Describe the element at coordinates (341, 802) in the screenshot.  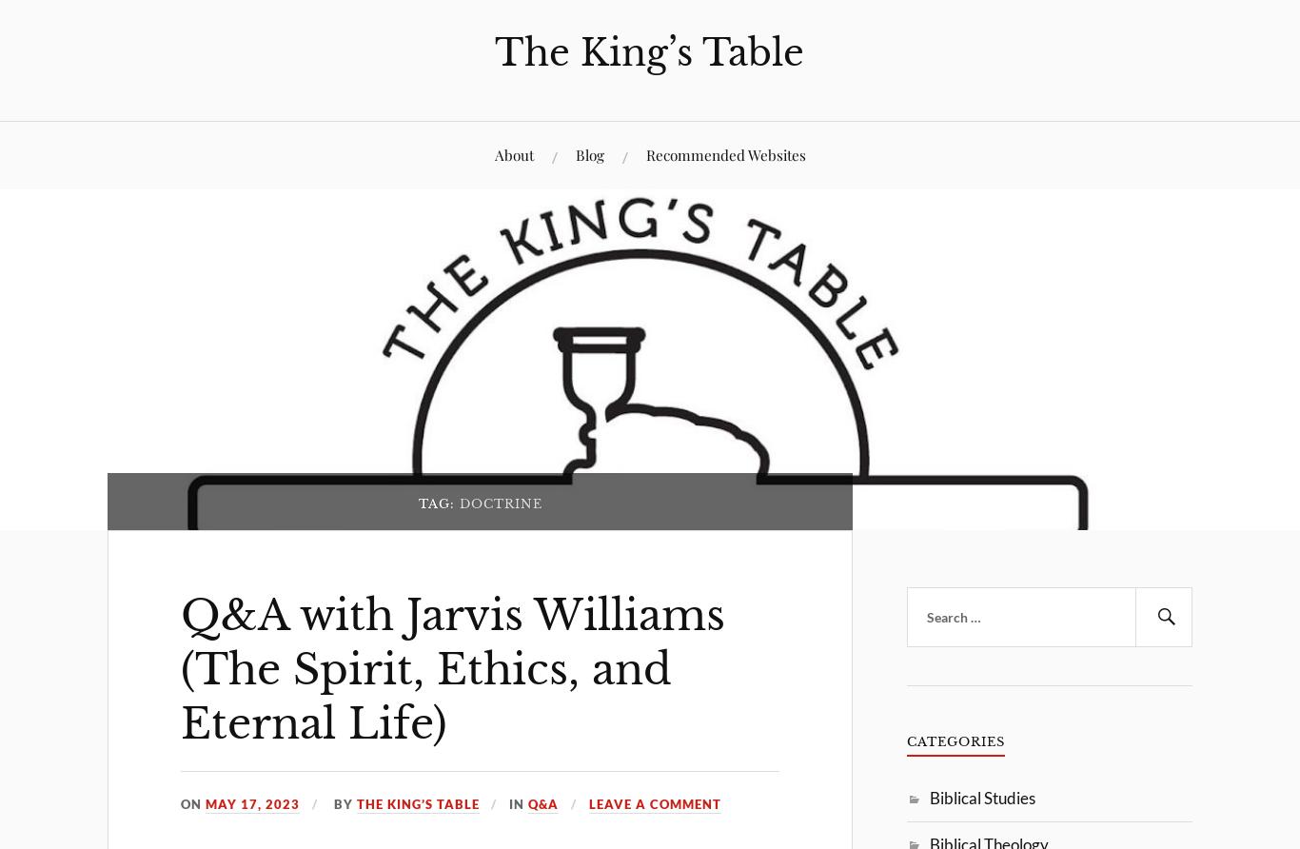
I see `'By'` at that location.